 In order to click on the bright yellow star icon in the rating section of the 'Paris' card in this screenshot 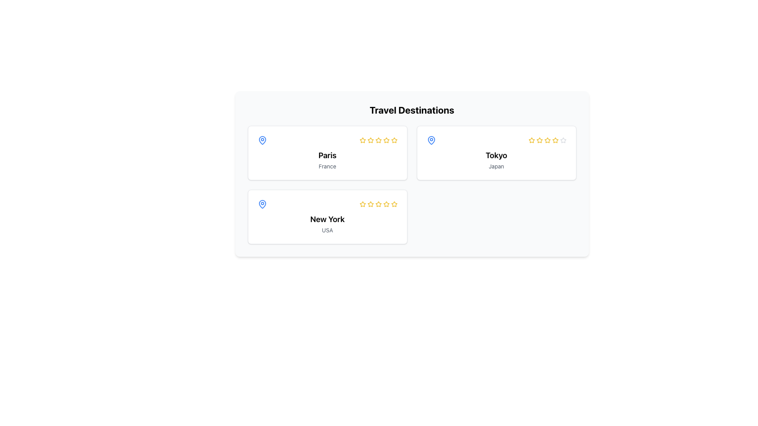, I will do `click(362, 140)`.